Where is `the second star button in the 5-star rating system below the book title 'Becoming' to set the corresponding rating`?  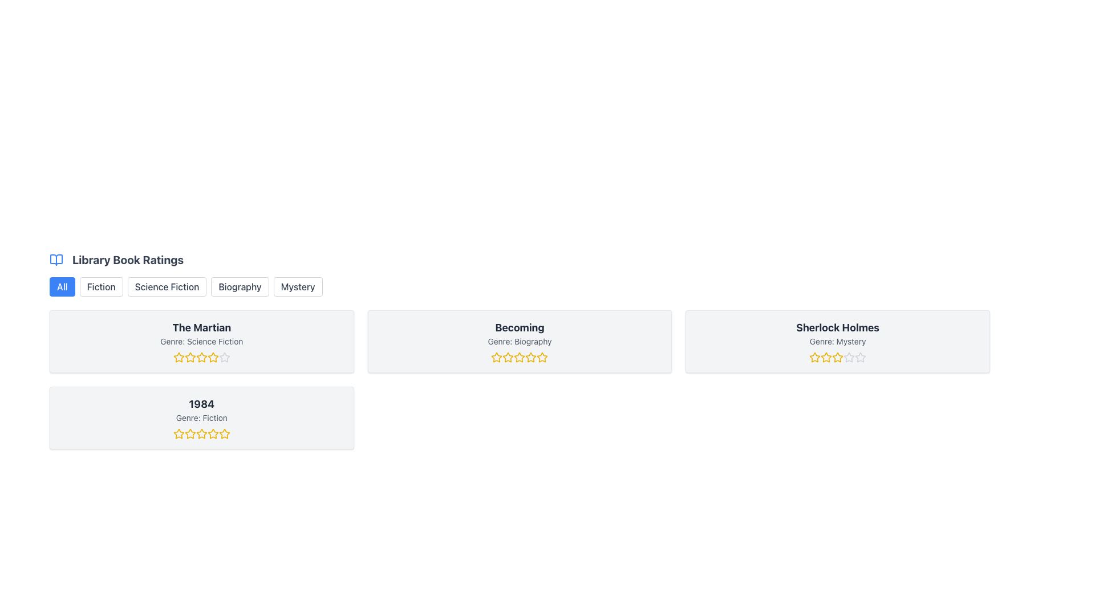 the second star button in the 5-star rating system below the book title 'Becoming' to set the corresponding rating is located at coordinates (497, 356).